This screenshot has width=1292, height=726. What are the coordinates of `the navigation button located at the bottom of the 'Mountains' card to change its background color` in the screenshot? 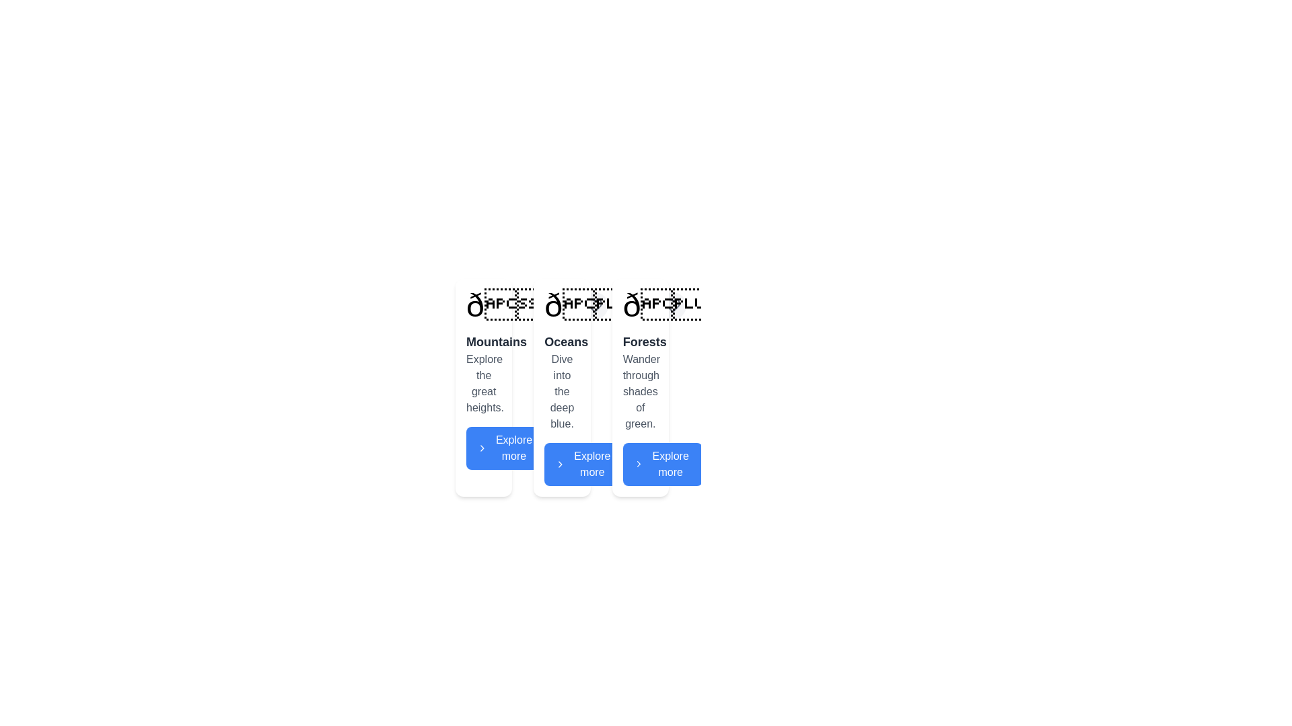 It's located at (505, 448).